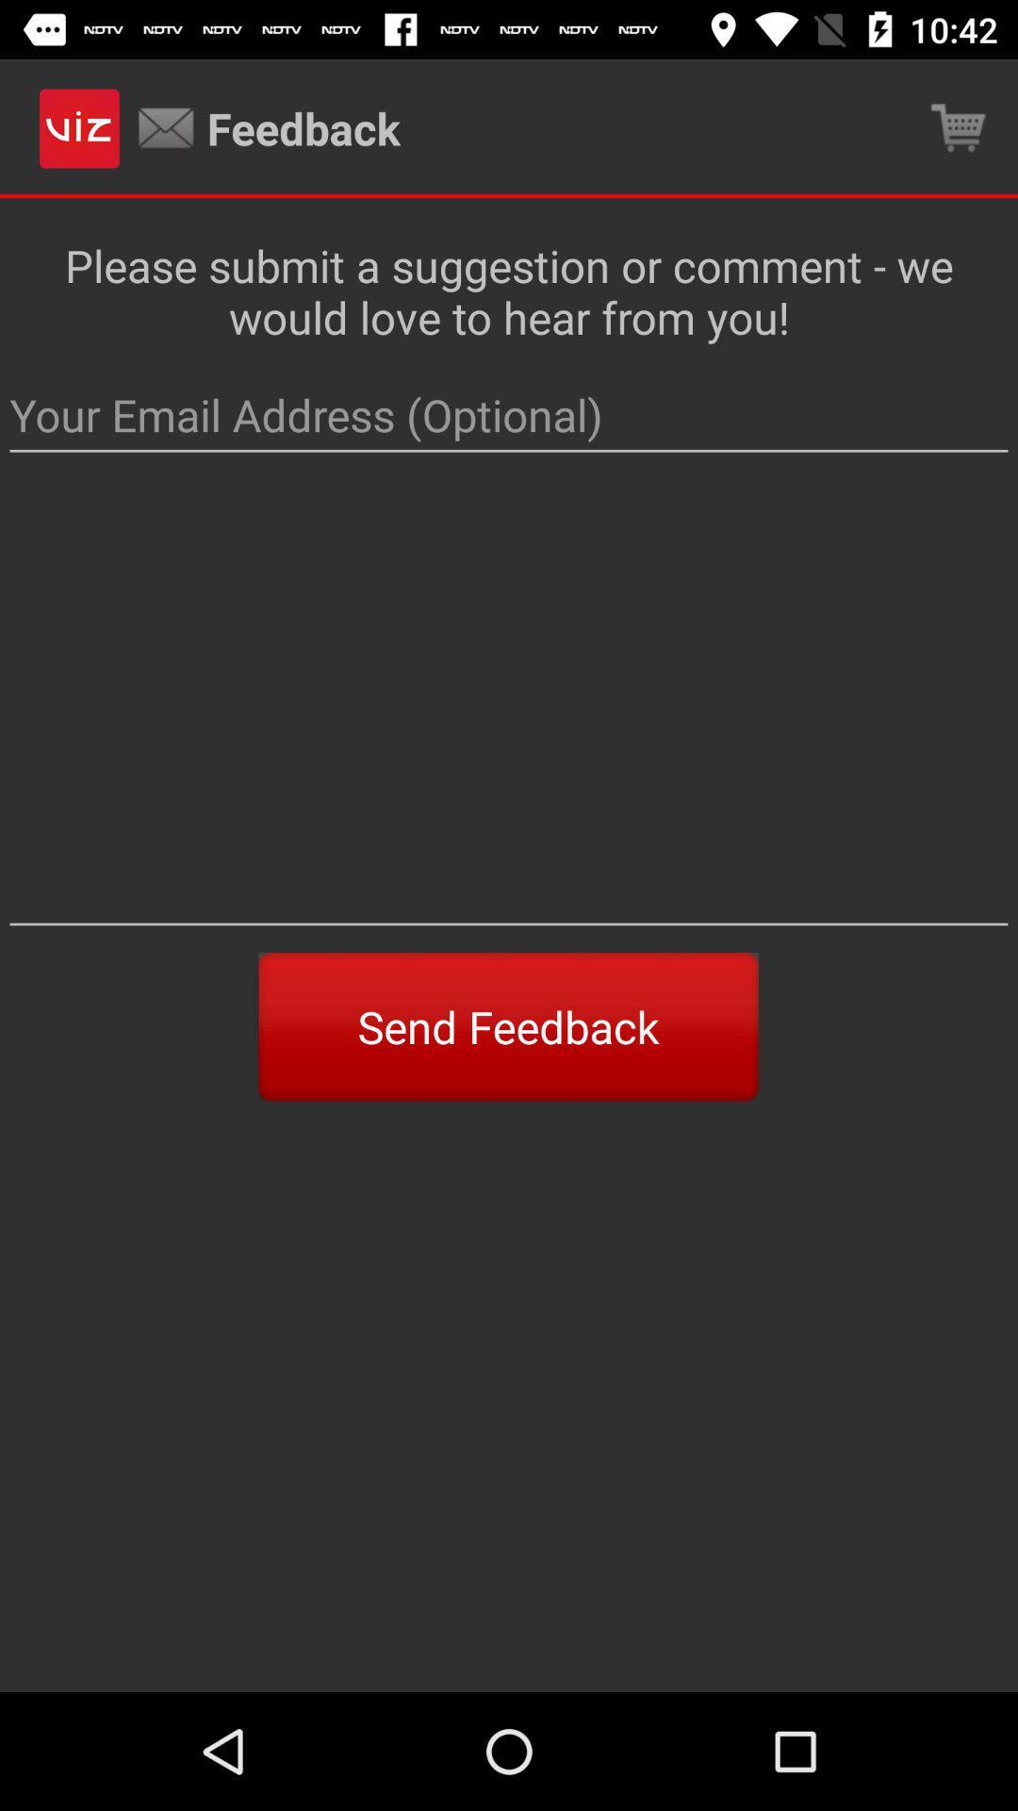 This screenshot has height=1811, width=1018. What do you see at coordinates (959, 127) in the screenshot?
I see `item above the please submit a icon` at bounding box center [959, 127].